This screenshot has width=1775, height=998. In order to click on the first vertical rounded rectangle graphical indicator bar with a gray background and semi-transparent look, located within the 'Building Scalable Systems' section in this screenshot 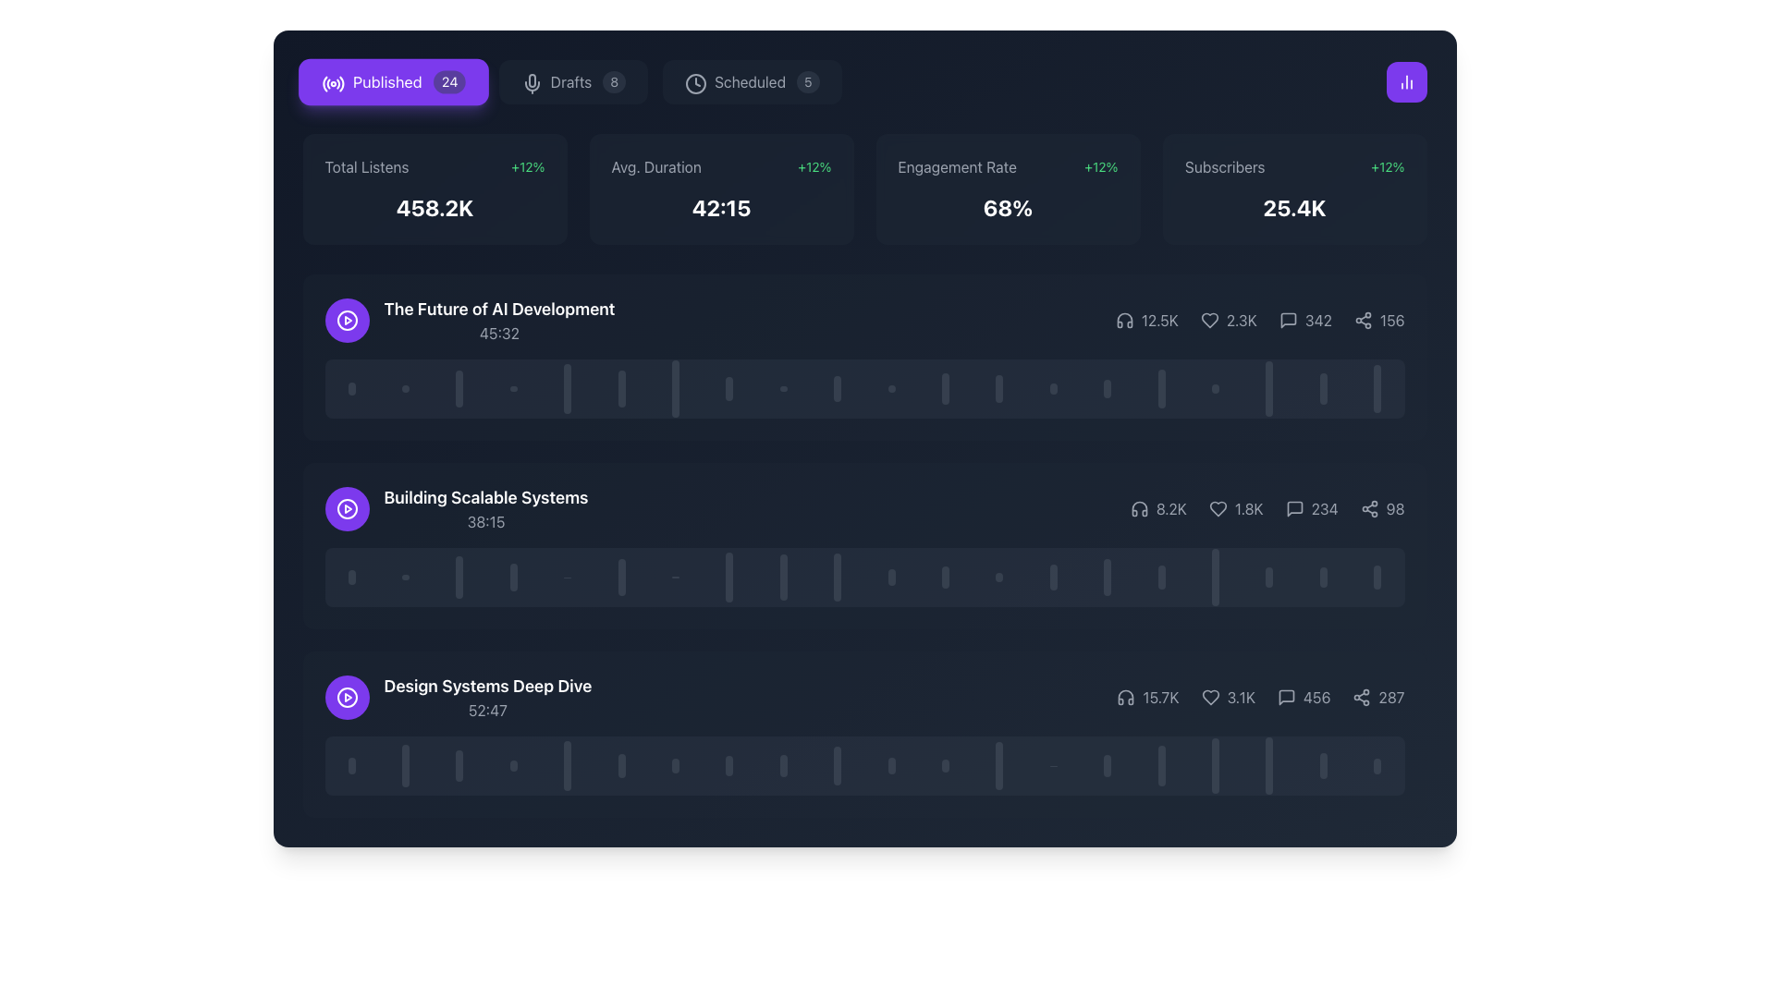, I will do `click(351, 576)`.